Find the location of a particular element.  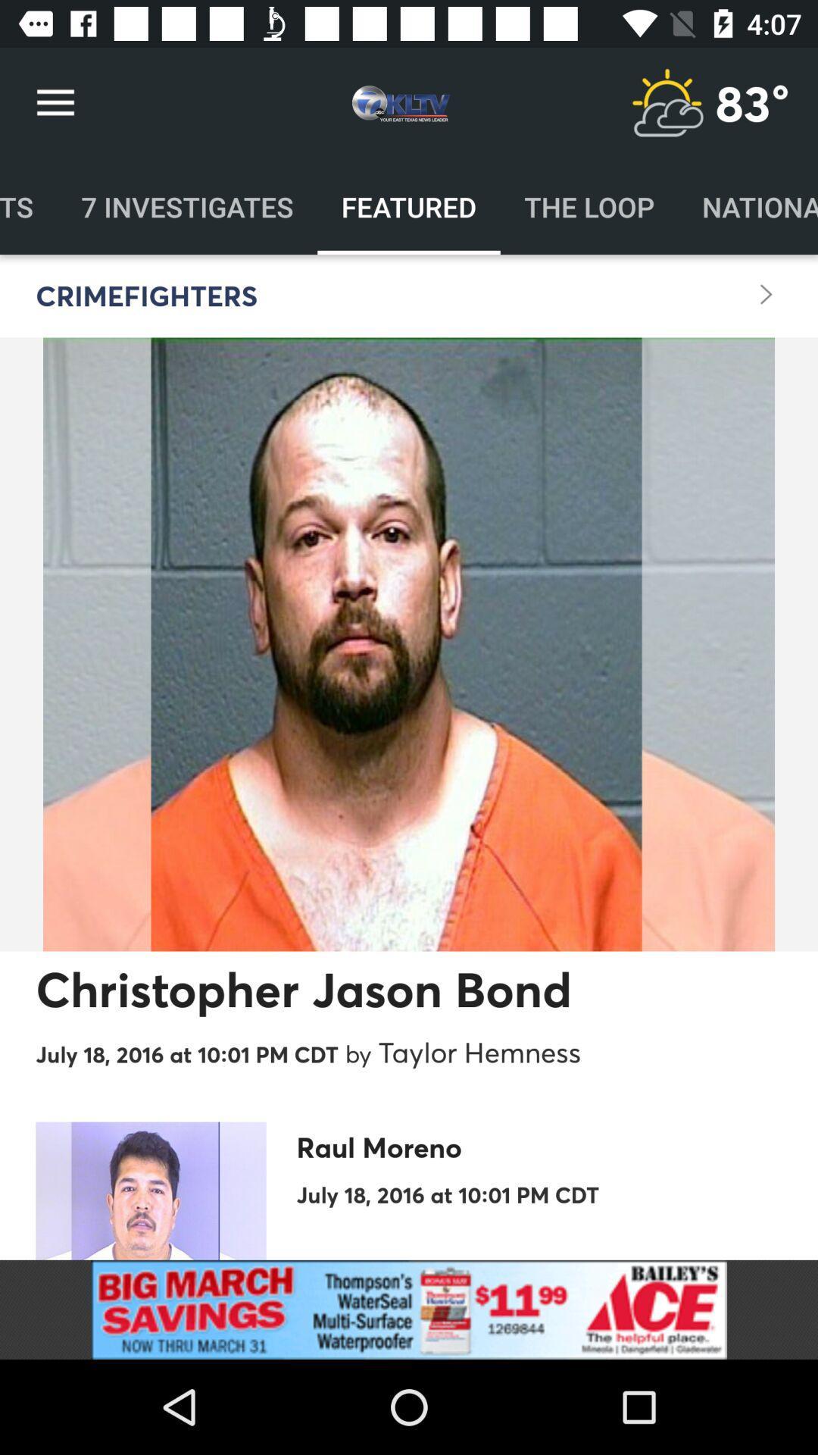

open the weather is located at coordinates (667, 102).